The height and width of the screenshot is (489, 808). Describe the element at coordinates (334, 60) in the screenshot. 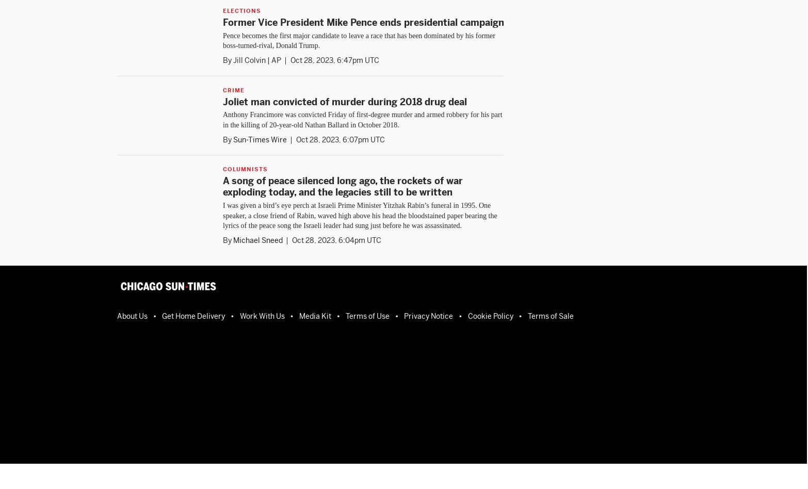

I see `'Oct 28, 2023, 6:47pm UTC'` at that location.